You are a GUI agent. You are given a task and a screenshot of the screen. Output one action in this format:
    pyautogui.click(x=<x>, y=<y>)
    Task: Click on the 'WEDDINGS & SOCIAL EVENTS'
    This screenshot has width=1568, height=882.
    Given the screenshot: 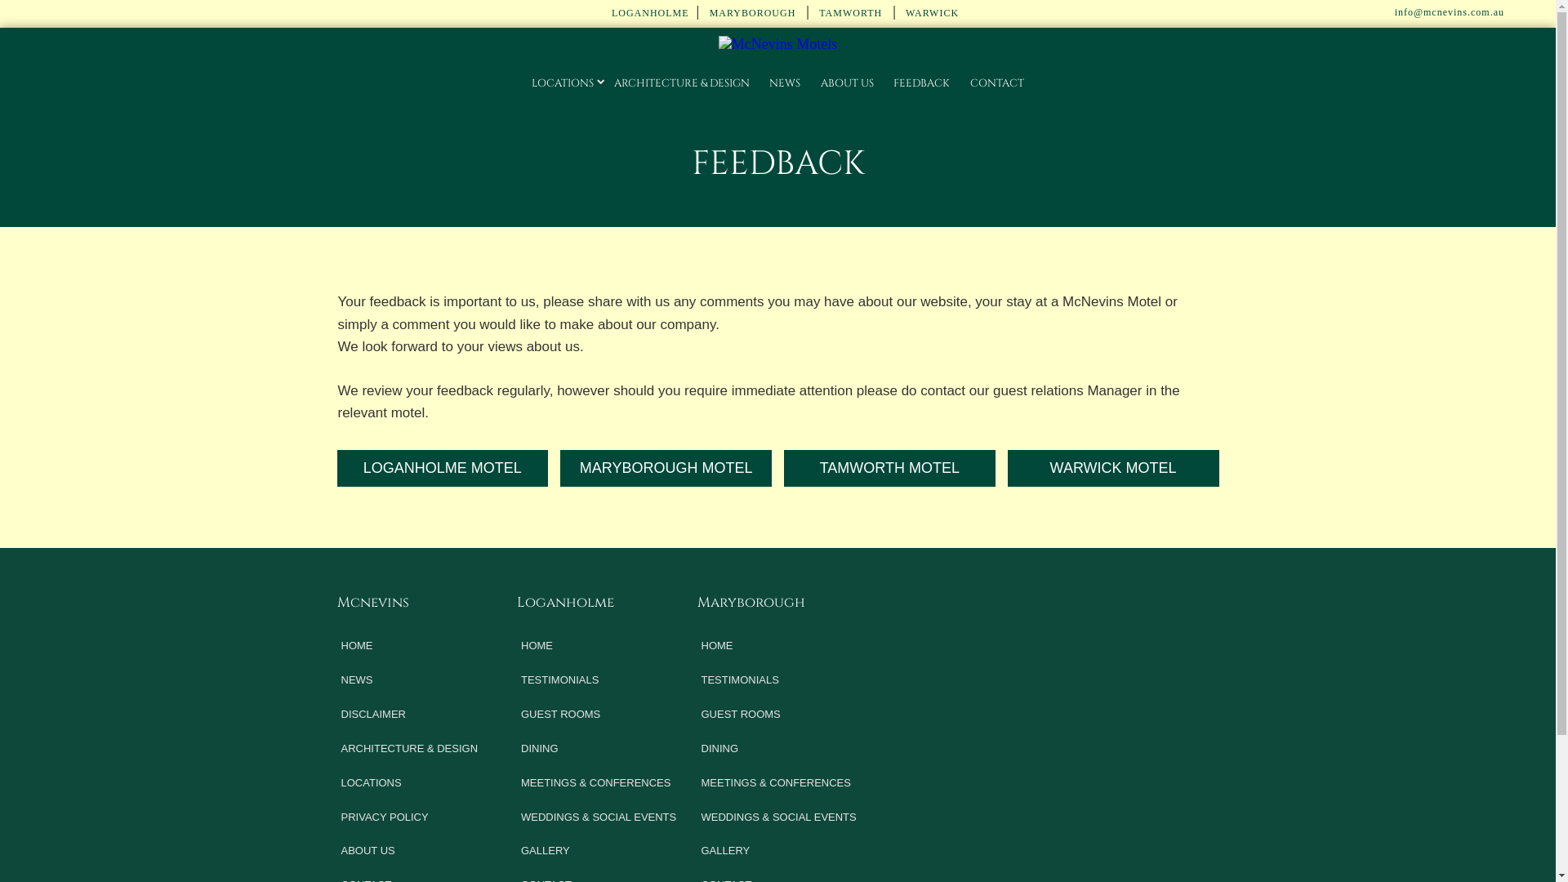 What is the action you would take?
    pyautogui.click(x=606, y=817)
    